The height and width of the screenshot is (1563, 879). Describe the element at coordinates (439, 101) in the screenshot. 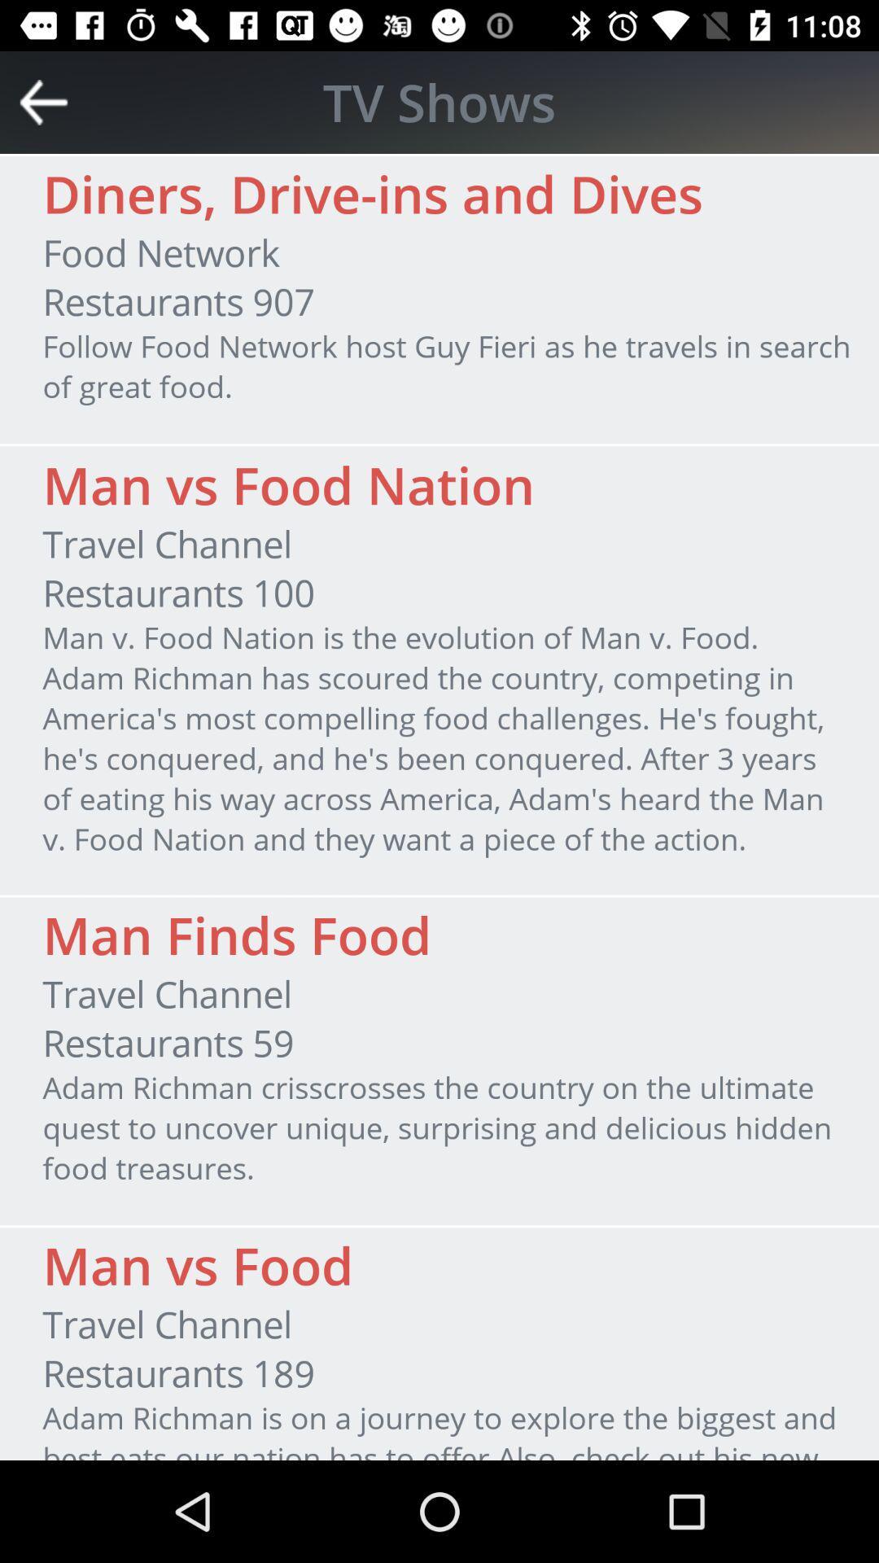

I see `the tv shows item` at that location.